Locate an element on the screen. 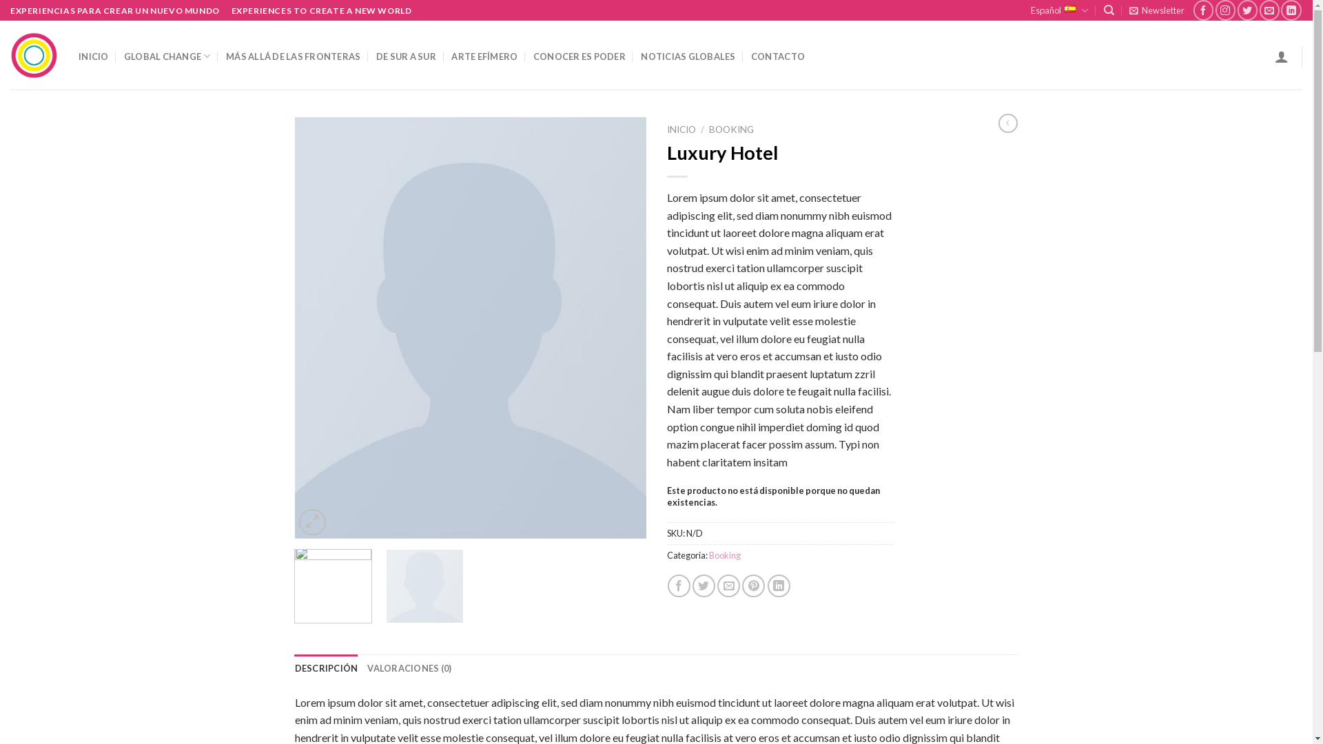  'CONOCER ES PODER' is located at coordinates (532, 55).